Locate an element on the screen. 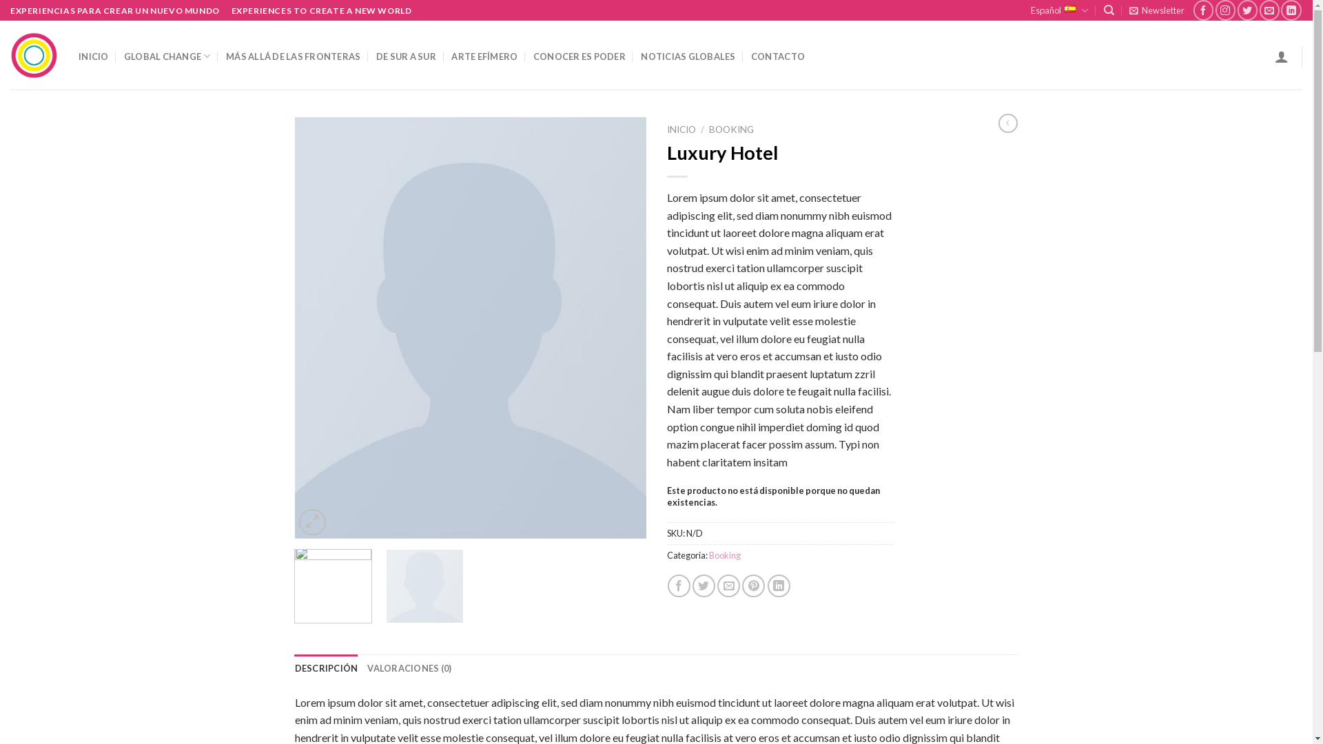  'CONOCER ES PODER' is located at coordinates (532, 55).